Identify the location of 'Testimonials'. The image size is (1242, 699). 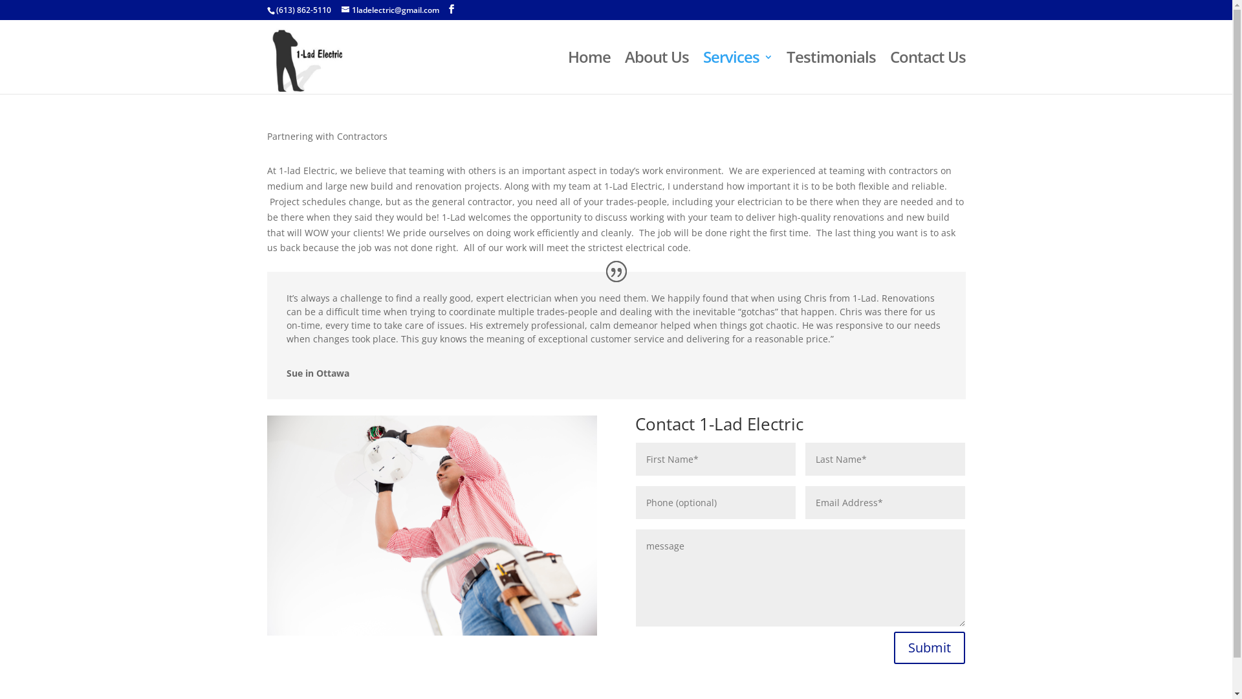
(831, 72).